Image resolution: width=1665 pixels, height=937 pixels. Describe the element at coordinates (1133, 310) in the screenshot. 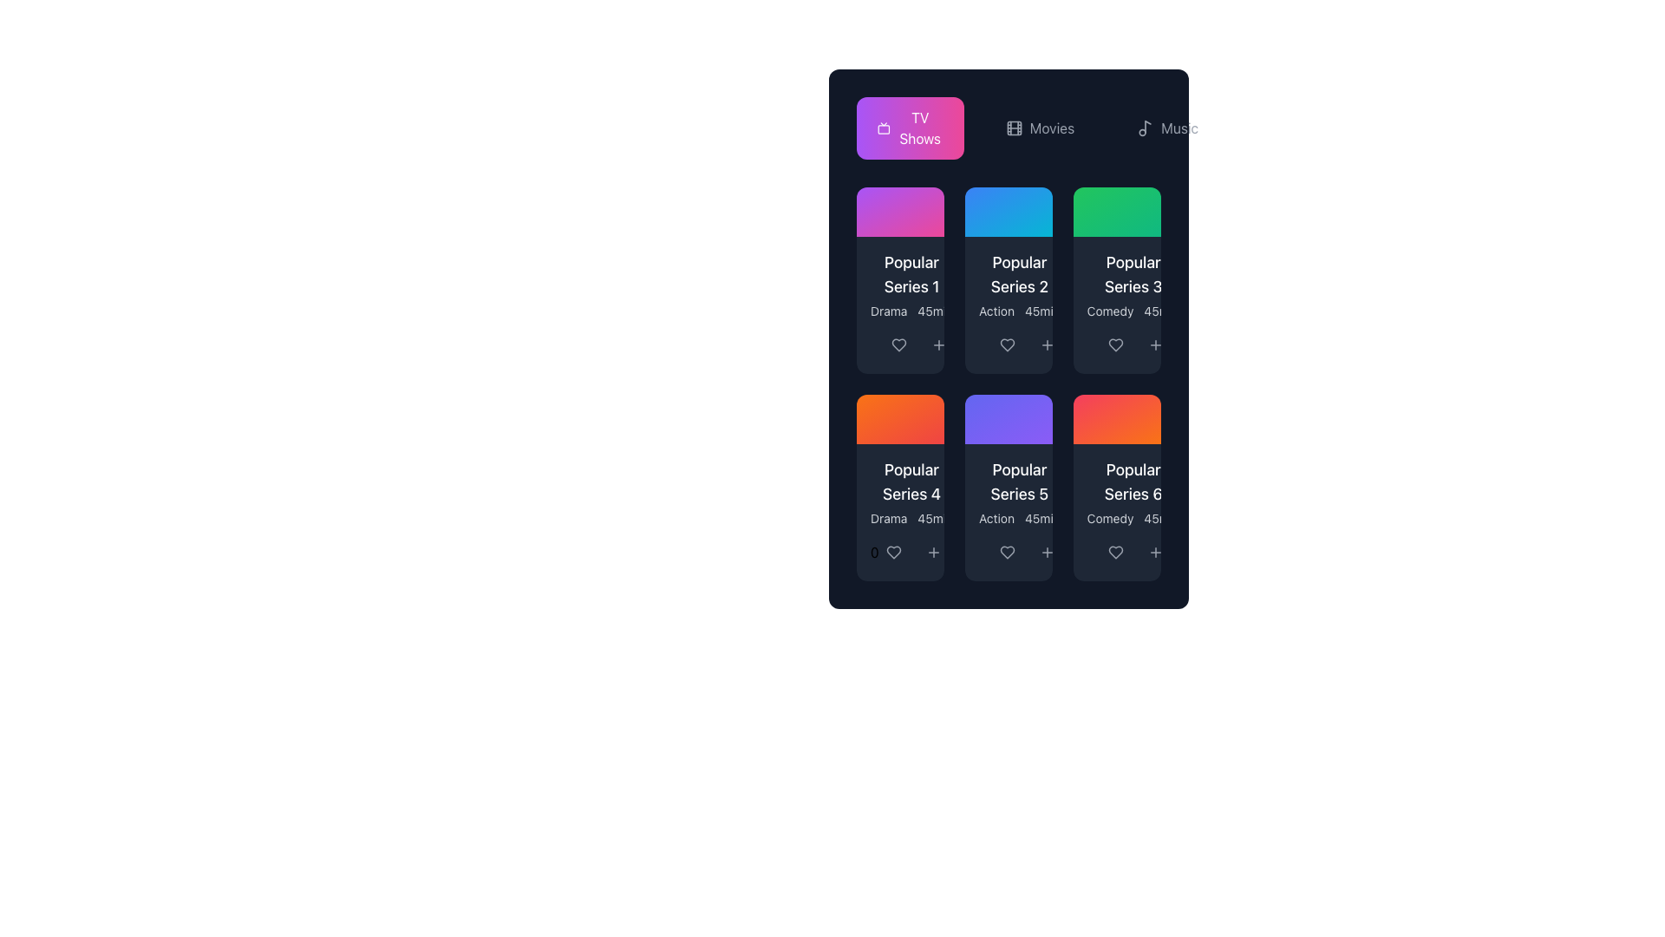

I see `the text label providing additional information about the series genre and duration, located below the title 'Popular Series 3' in the third card of the grid layout` at that location.